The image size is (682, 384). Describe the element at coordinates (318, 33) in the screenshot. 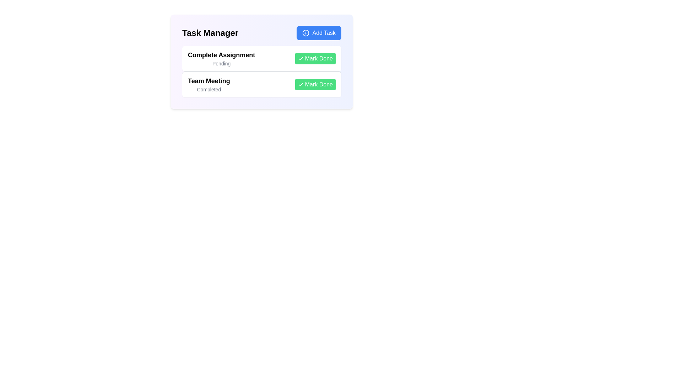

I see `the 'Add Task' button to add a new task to the list` at that location.